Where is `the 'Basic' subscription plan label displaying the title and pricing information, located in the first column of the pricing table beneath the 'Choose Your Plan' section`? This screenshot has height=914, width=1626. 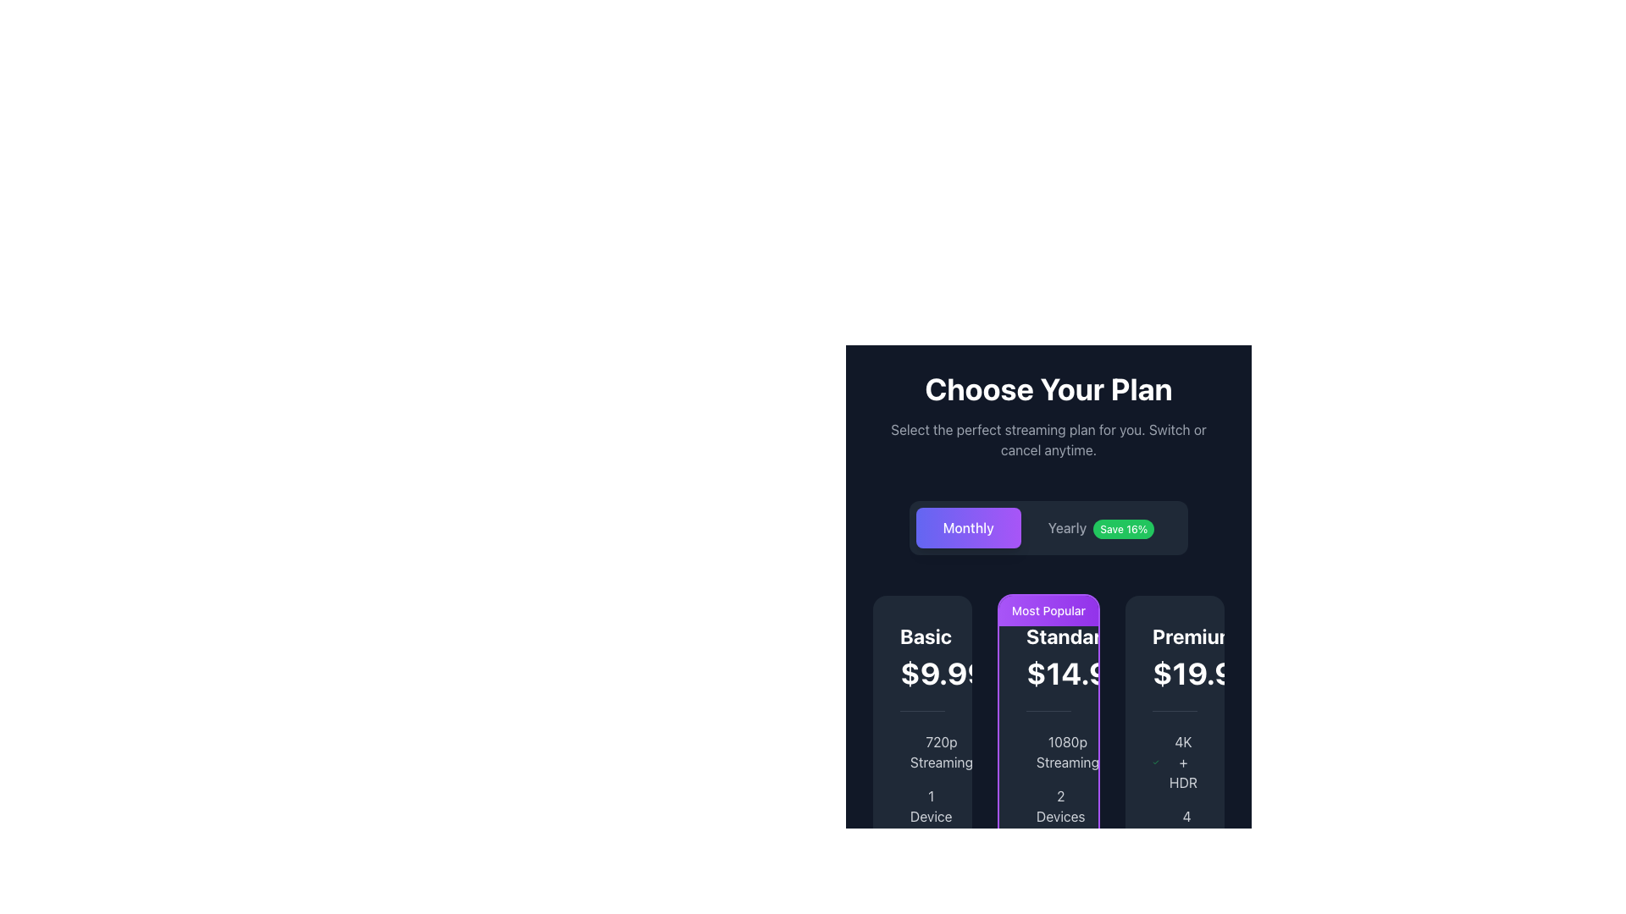 the 'Basic' subscription plan label displaying the title and pricing information, located in the first column of the pricing table beneath the 'Choose Your Plan' section is located at coordinates (921, 655).